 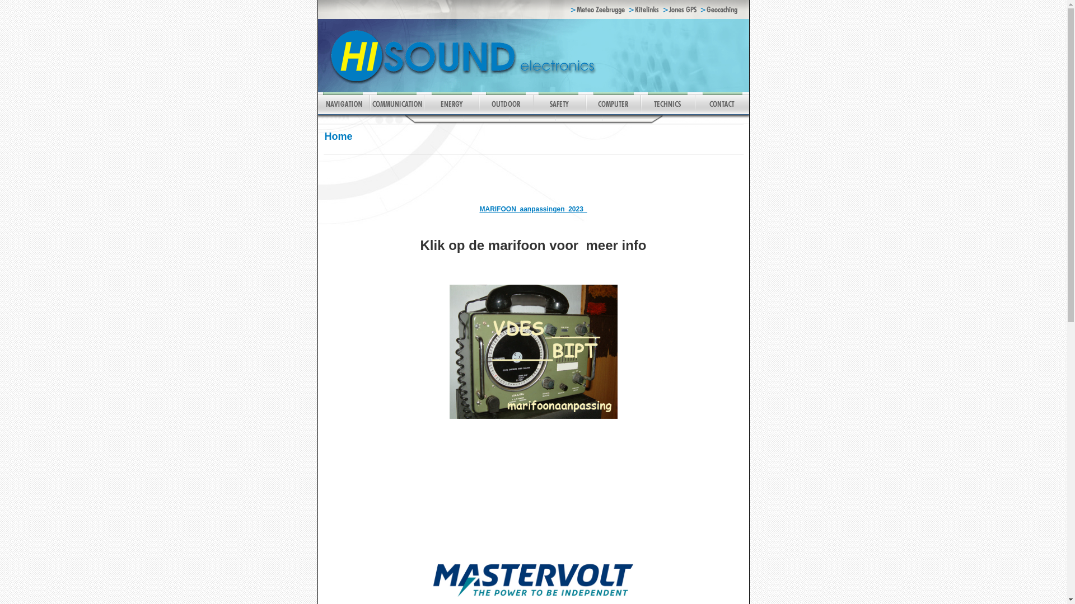 I want to click on 'Outdoor', so click(x=504, y=112).